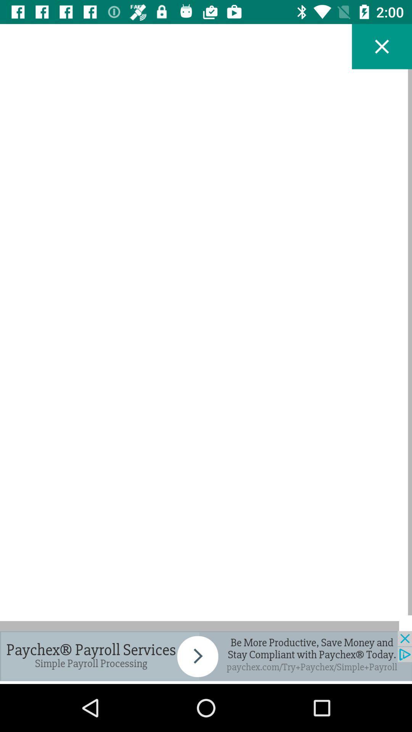 This screenshot has height=732, width=412. What do you see at coordinates (382, 46) in the screenshot?
I see `screen` at bounding box center [382, 46].